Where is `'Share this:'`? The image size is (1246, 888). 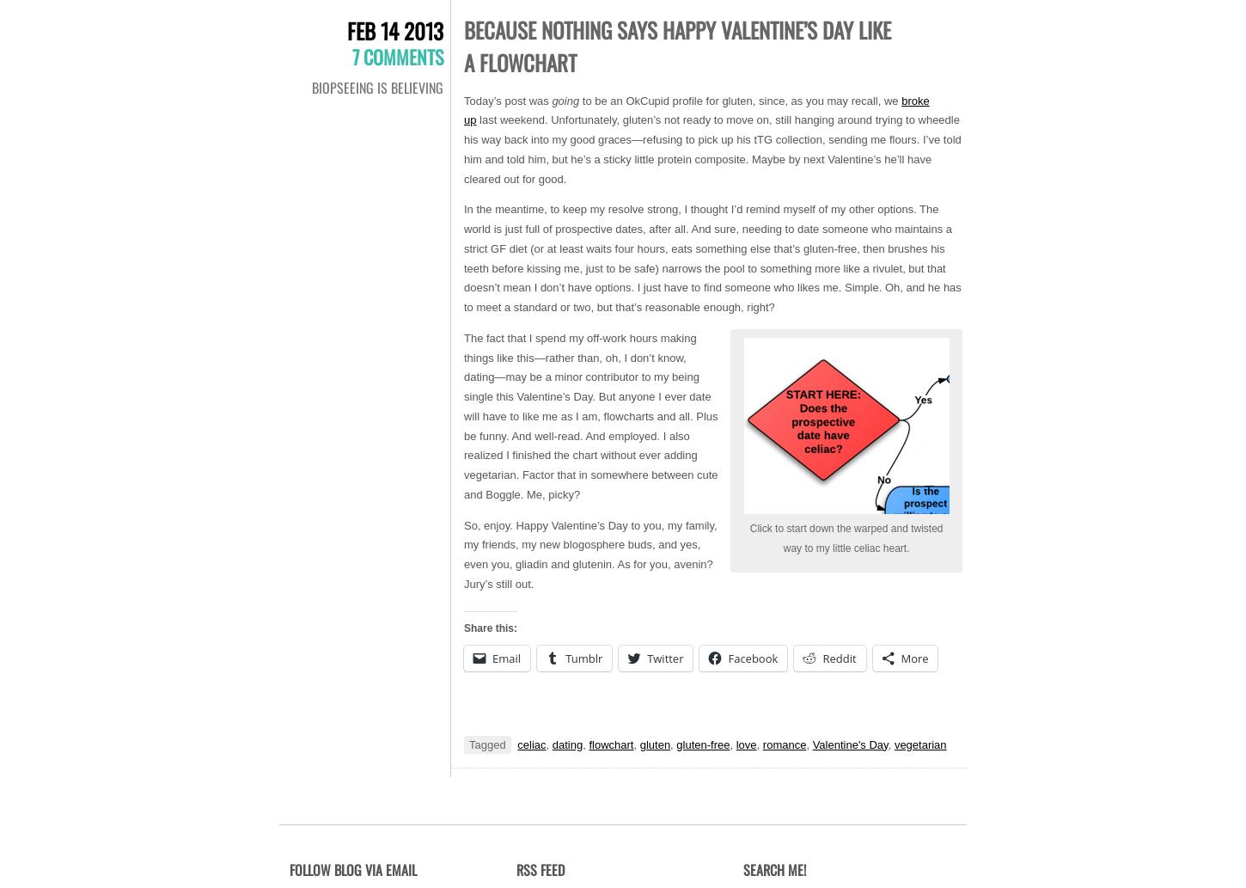 'Share this:' is located at coordinates (491, 628).